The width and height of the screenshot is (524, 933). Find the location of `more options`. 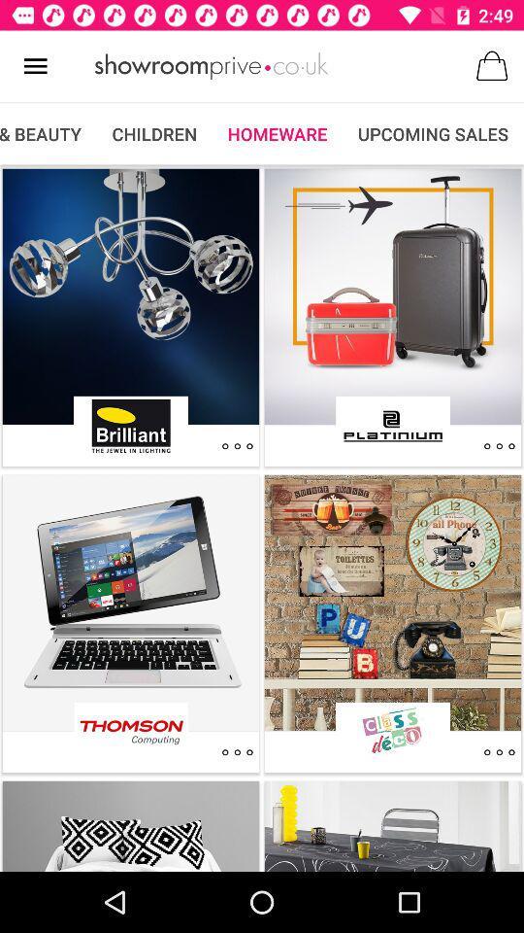

more options is located at coordinates (499, 751).